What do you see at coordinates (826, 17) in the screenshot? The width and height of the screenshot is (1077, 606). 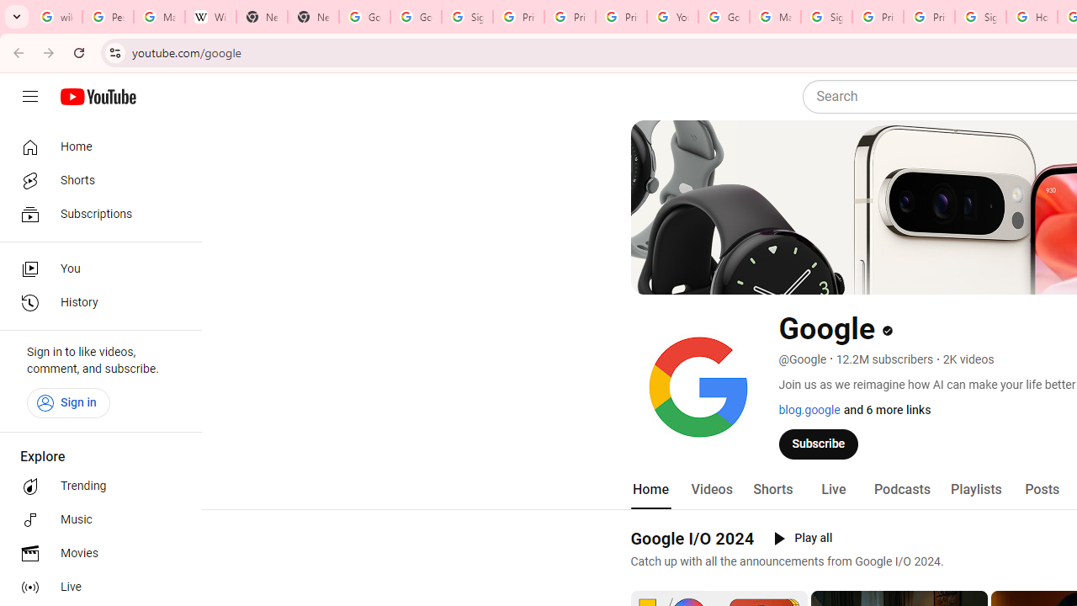 I see `'Sign in - Google Accounts'` at bounding box center [826, 17].